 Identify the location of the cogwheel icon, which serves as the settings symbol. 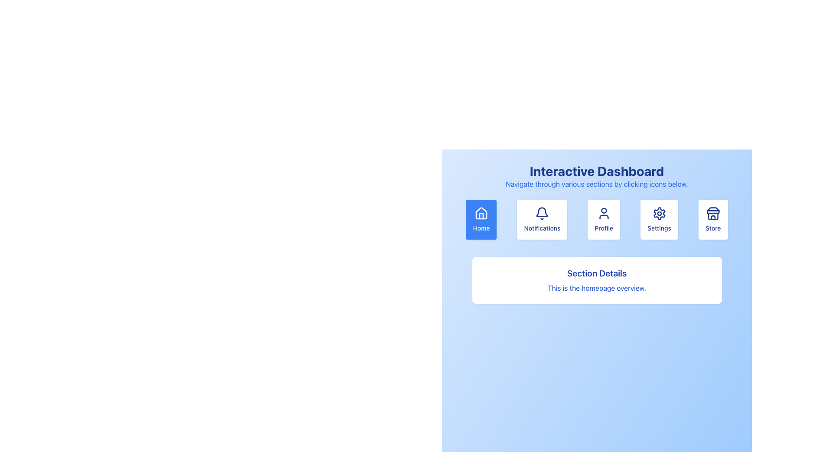
(659, 214).